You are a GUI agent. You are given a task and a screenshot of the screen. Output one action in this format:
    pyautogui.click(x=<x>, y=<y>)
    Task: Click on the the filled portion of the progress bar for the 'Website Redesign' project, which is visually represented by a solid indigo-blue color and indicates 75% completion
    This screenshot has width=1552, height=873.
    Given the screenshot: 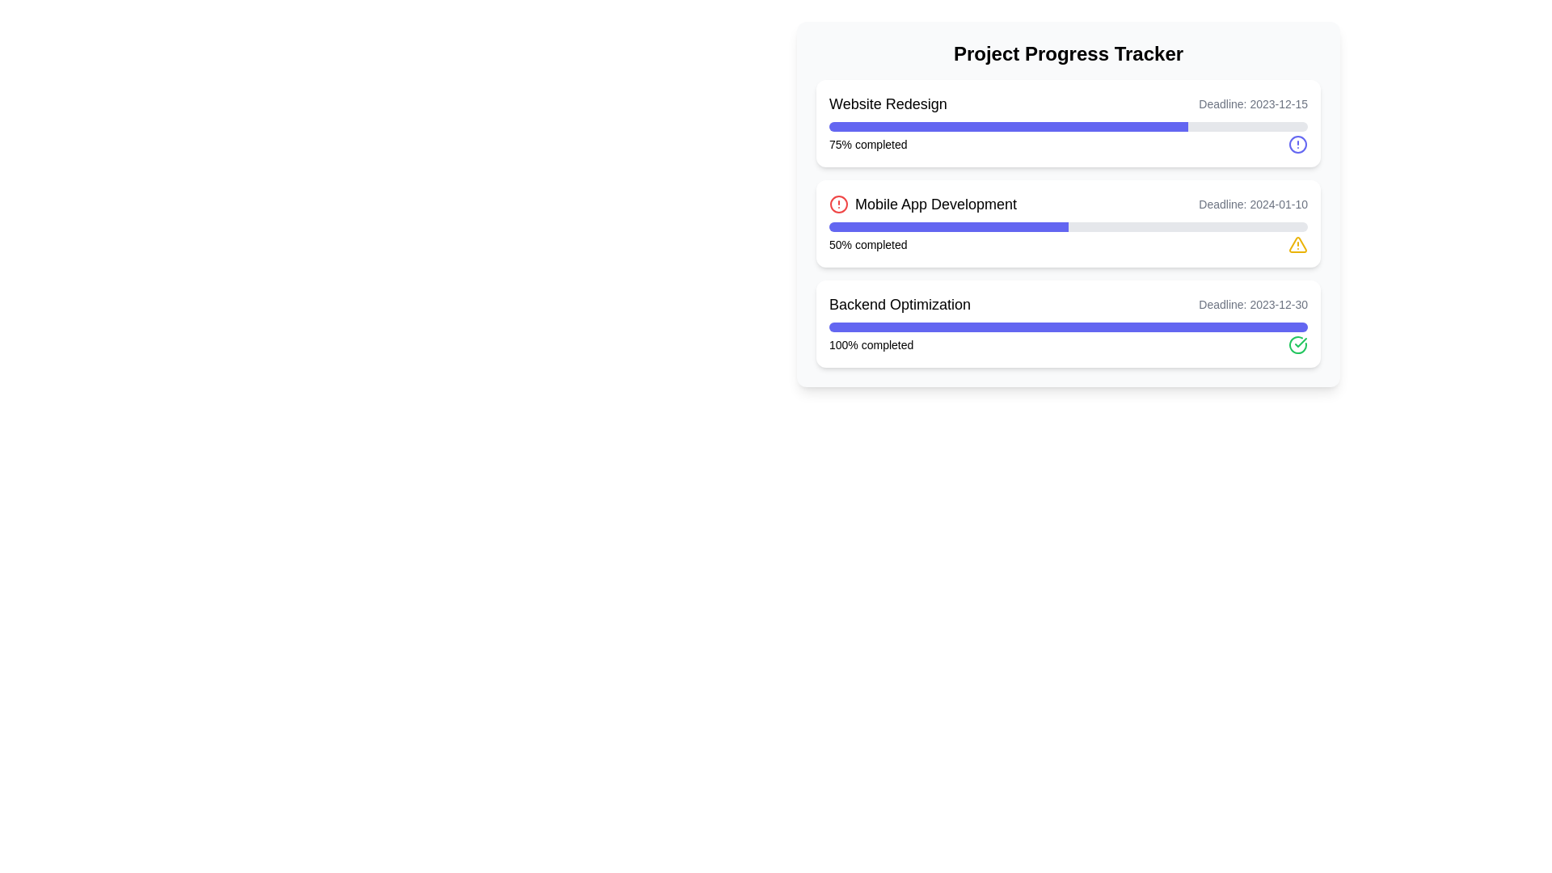 What is the action you would take?
    pyautogui.click(x=1008, y=126)
    